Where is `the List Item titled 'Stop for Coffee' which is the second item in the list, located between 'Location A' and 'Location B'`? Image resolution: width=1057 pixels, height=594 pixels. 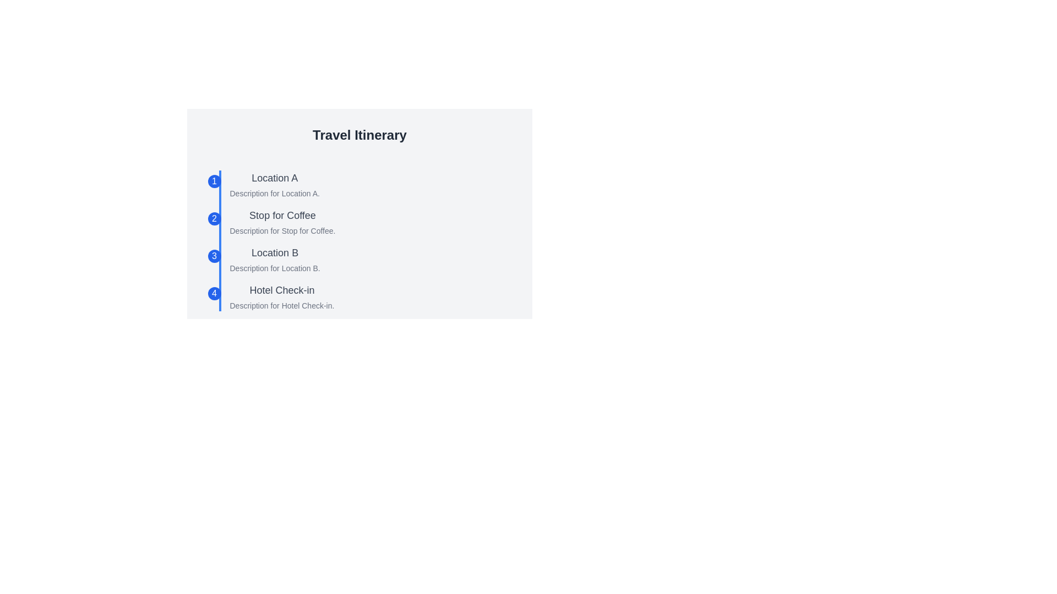 the List Item titled 'Stop for Coffee' which is the second item in the list, located between 'Location A' and 'Location B' is located at coordinates (361, 222).